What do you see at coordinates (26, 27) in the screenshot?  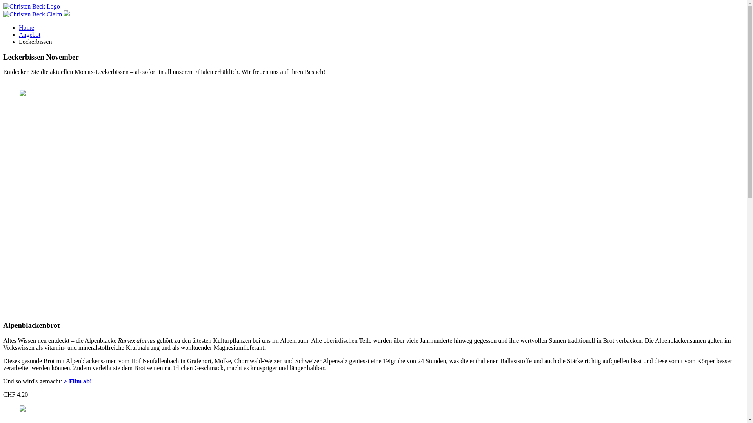 I see `'Home'` at bounding box center [26, 27].